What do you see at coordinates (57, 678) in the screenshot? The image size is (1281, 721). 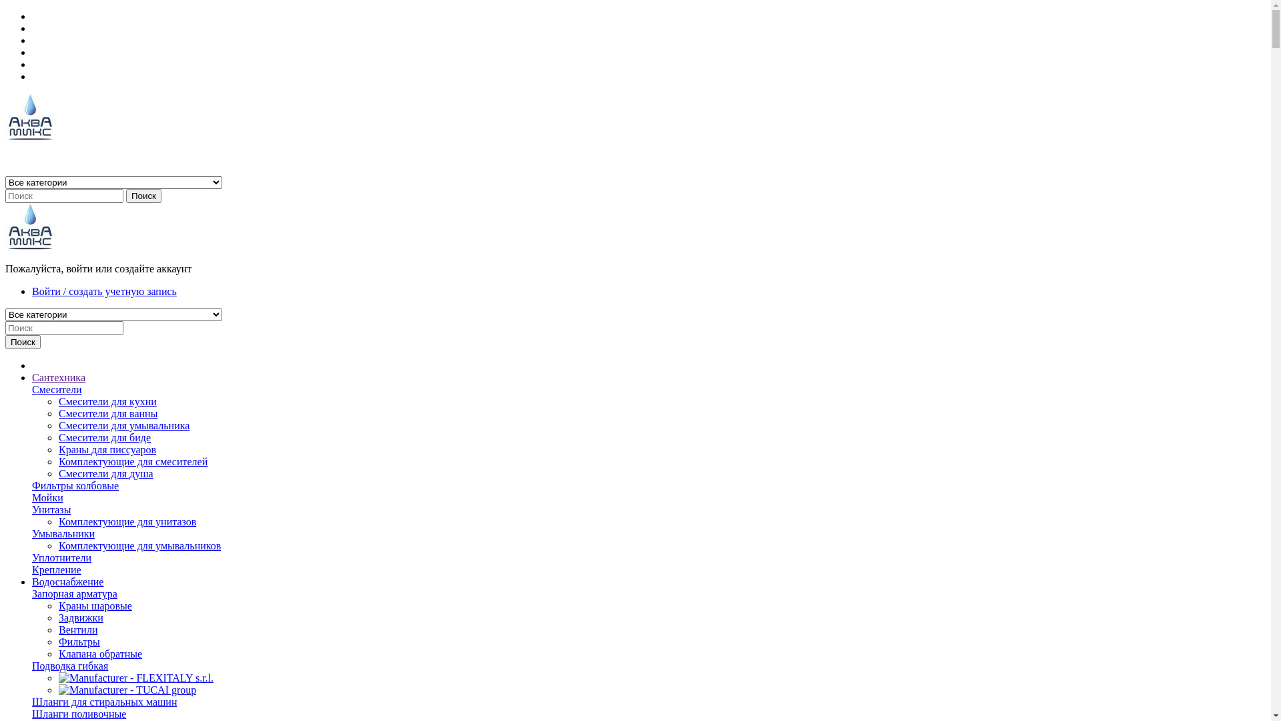 I see `'Manufacturer - FLEXITALY s.r.l.'` at bounding box center [57, 678].